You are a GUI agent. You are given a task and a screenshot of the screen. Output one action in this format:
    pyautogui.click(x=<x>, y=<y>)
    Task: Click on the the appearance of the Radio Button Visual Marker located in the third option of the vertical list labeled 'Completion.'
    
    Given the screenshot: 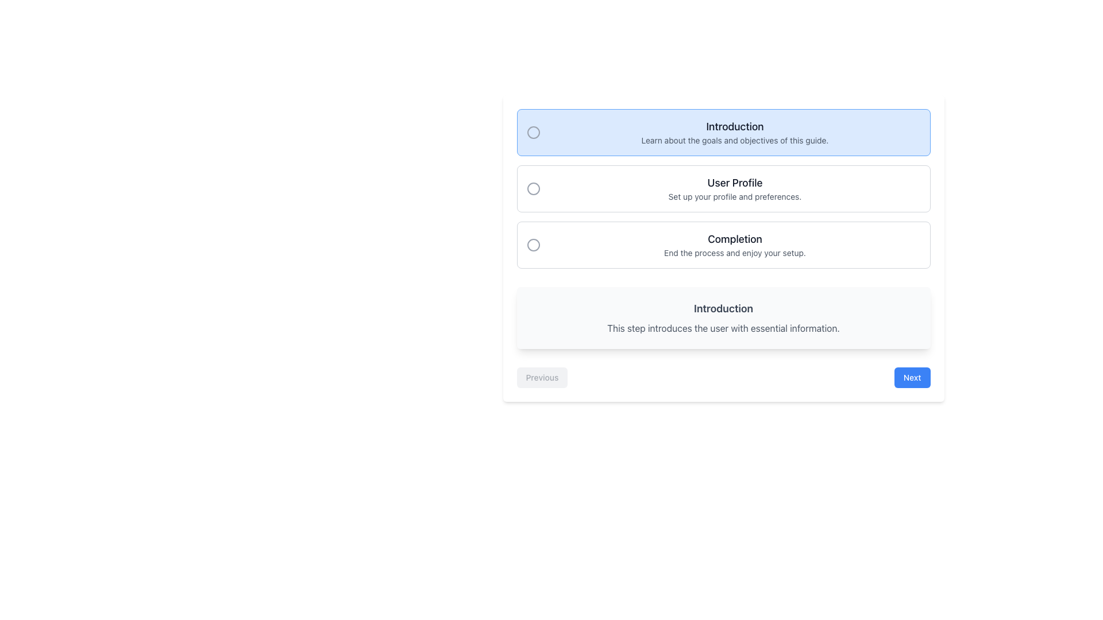 What is the action you would take?
    pyautogui.click(x=533, y=245)
    